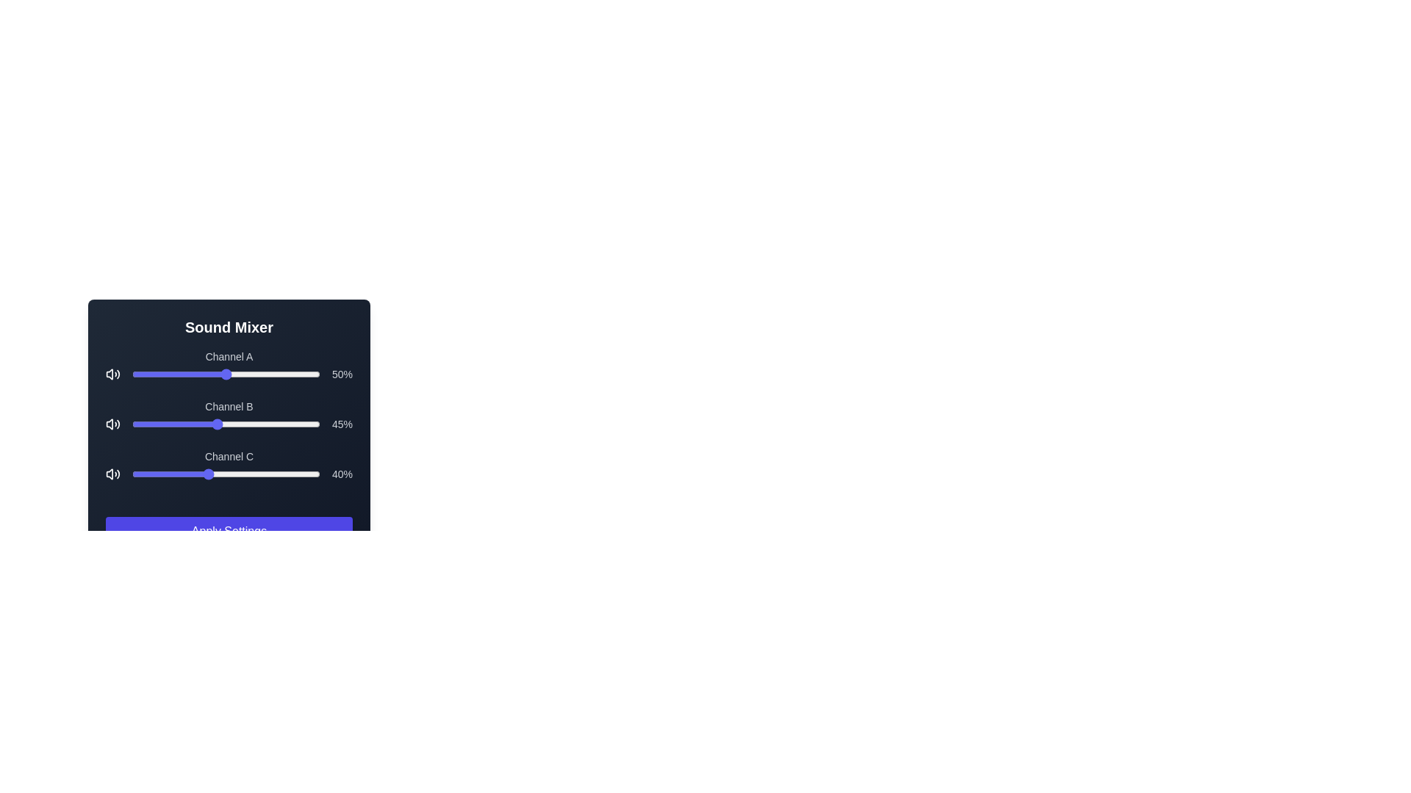  Describe the element at coordinates (157, 424) in the screenshot. I see `the Channel B volume` at that location.